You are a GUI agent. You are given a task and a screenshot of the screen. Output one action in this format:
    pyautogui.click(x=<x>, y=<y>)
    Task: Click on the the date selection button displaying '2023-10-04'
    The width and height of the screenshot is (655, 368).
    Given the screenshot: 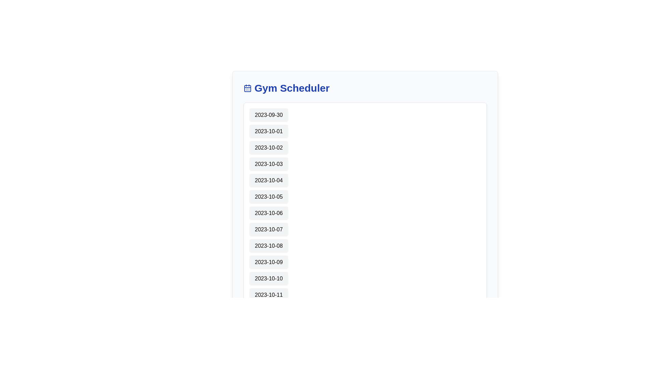 What is the action you would take?
    pyautogui.click(x=268, y=180)
    